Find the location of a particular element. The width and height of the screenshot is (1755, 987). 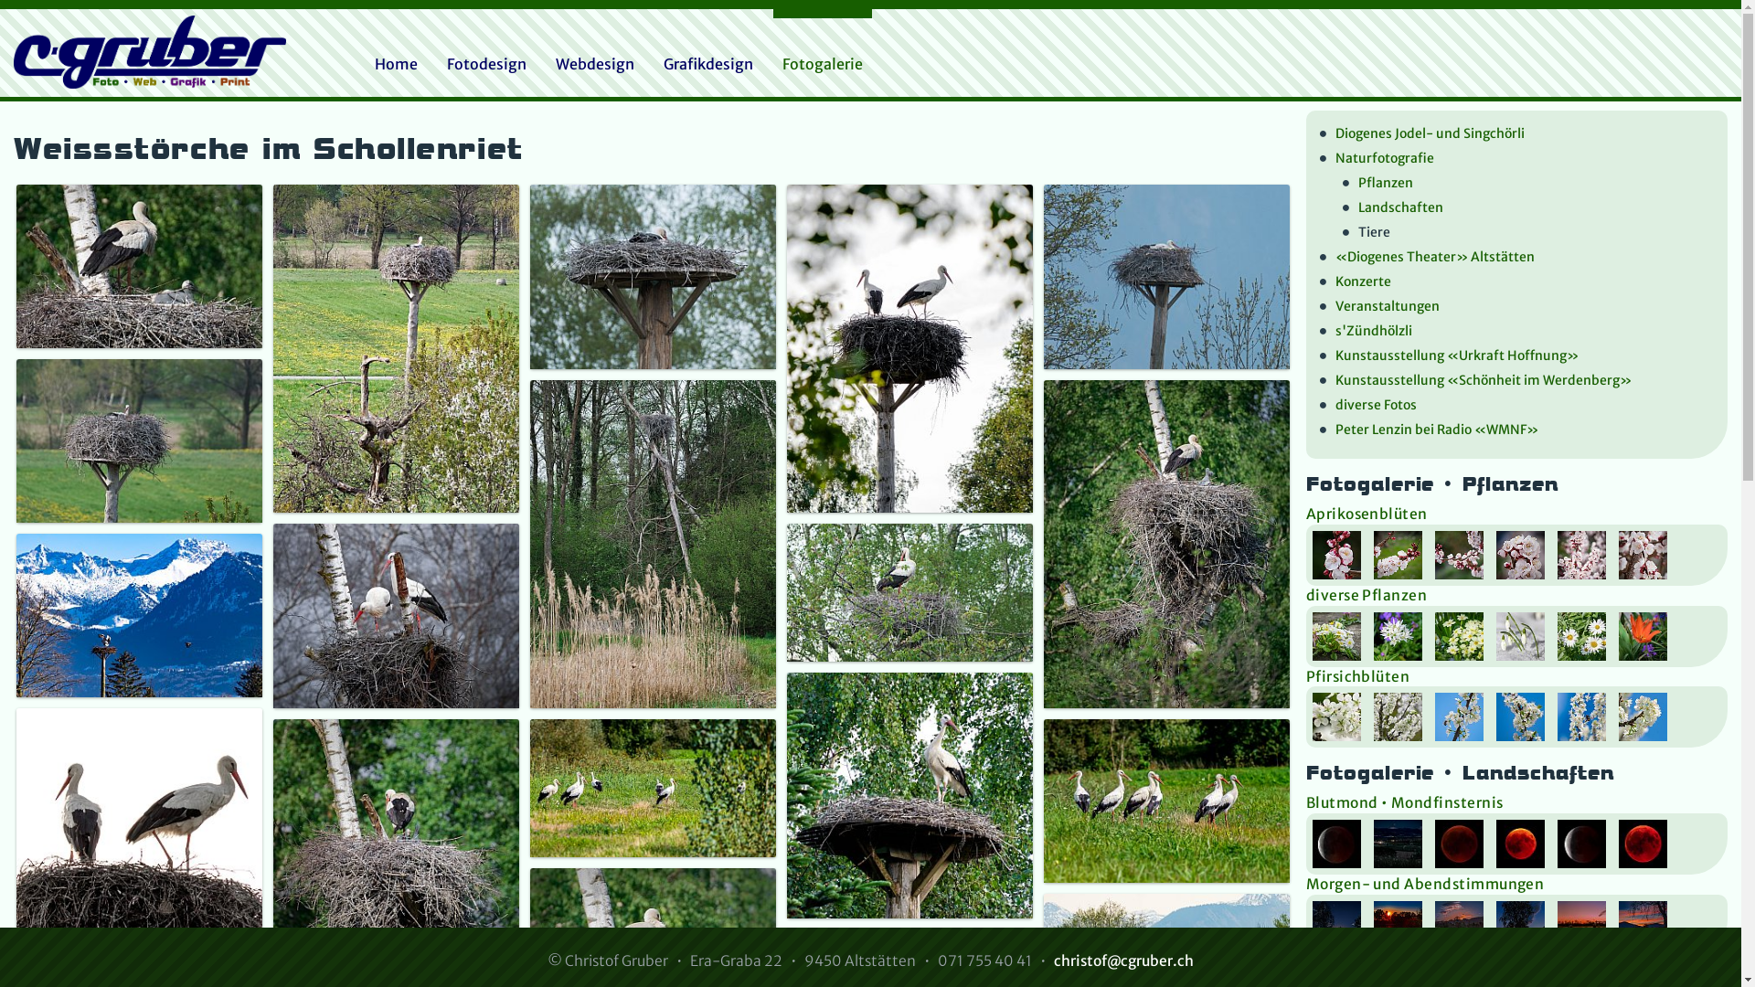

'Grafikdesign' is located at coordinates (707, 63).